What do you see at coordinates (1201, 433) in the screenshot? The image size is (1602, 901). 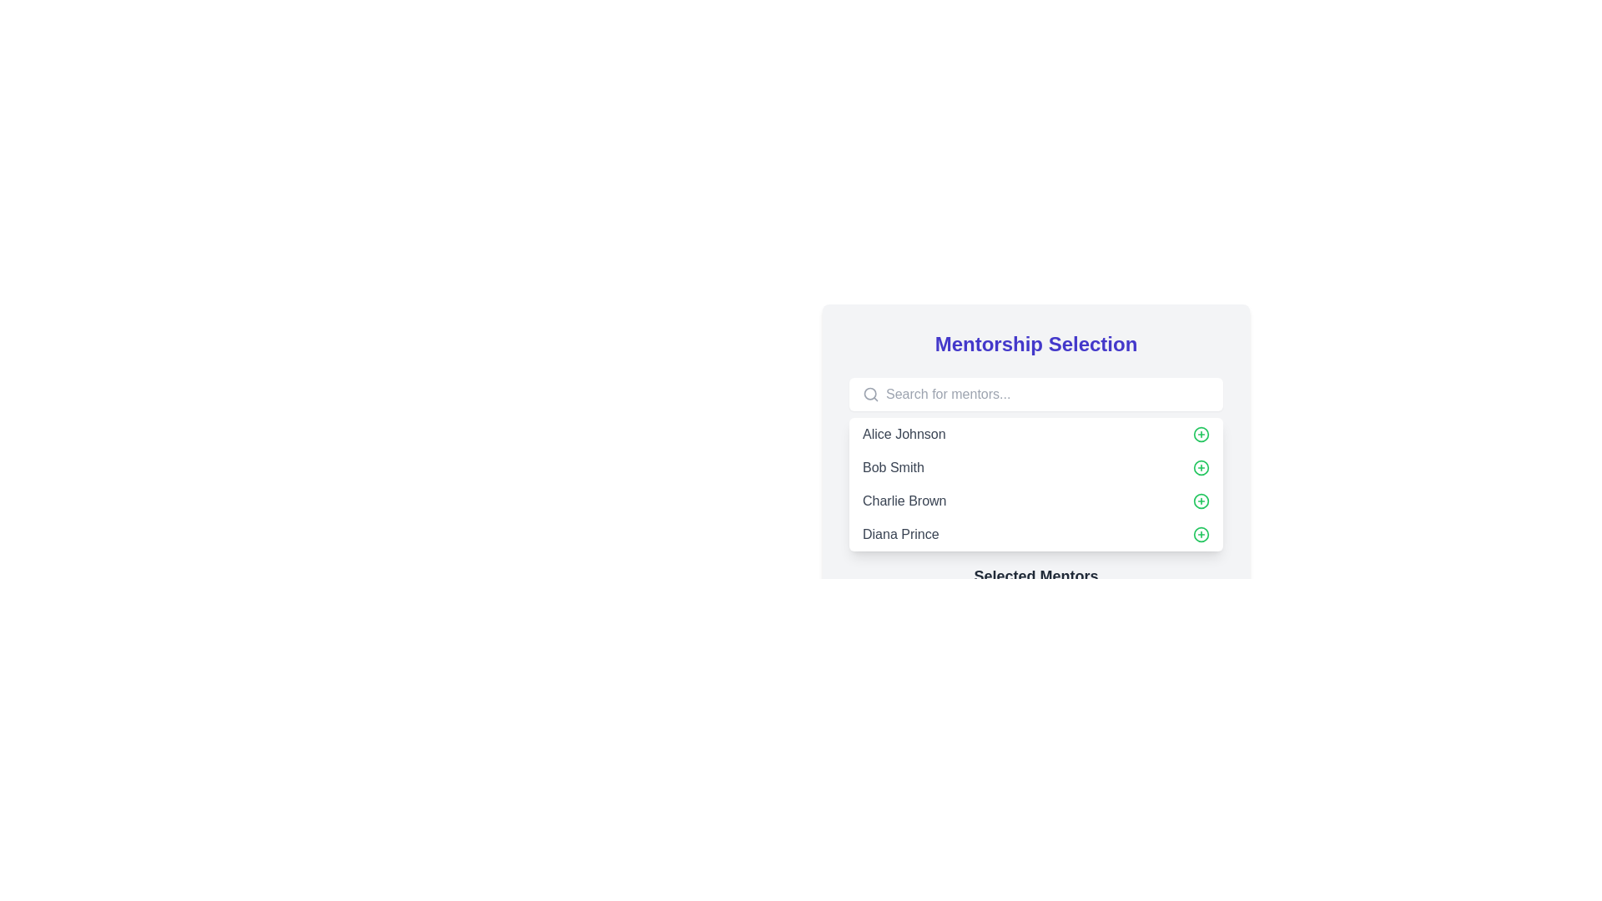 I see `the circular plus icon with a green border and plus sign` at bounding box center [1201, 433].